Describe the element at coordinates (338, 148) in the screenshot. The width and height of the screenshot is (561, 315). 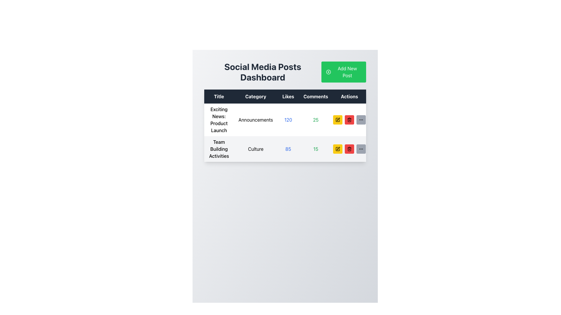
I see `the small square icon with a pen symbol inside on a yellow background located in the second row of the table under the 'Actions' column to initiate an edit operation` at that location.